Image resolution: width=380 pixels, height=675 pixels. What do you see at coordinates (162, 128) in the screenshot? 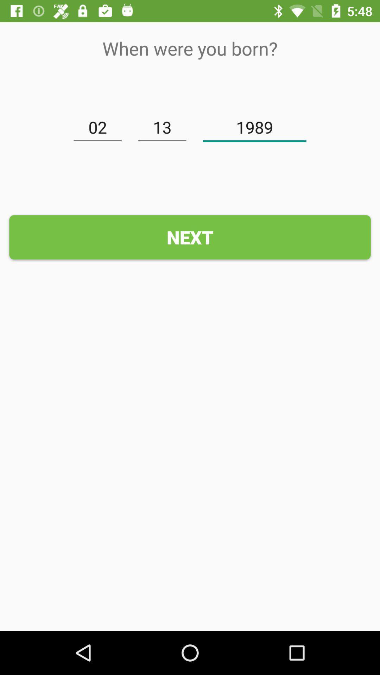
I see `the 13` at bounding box center [162, 128].